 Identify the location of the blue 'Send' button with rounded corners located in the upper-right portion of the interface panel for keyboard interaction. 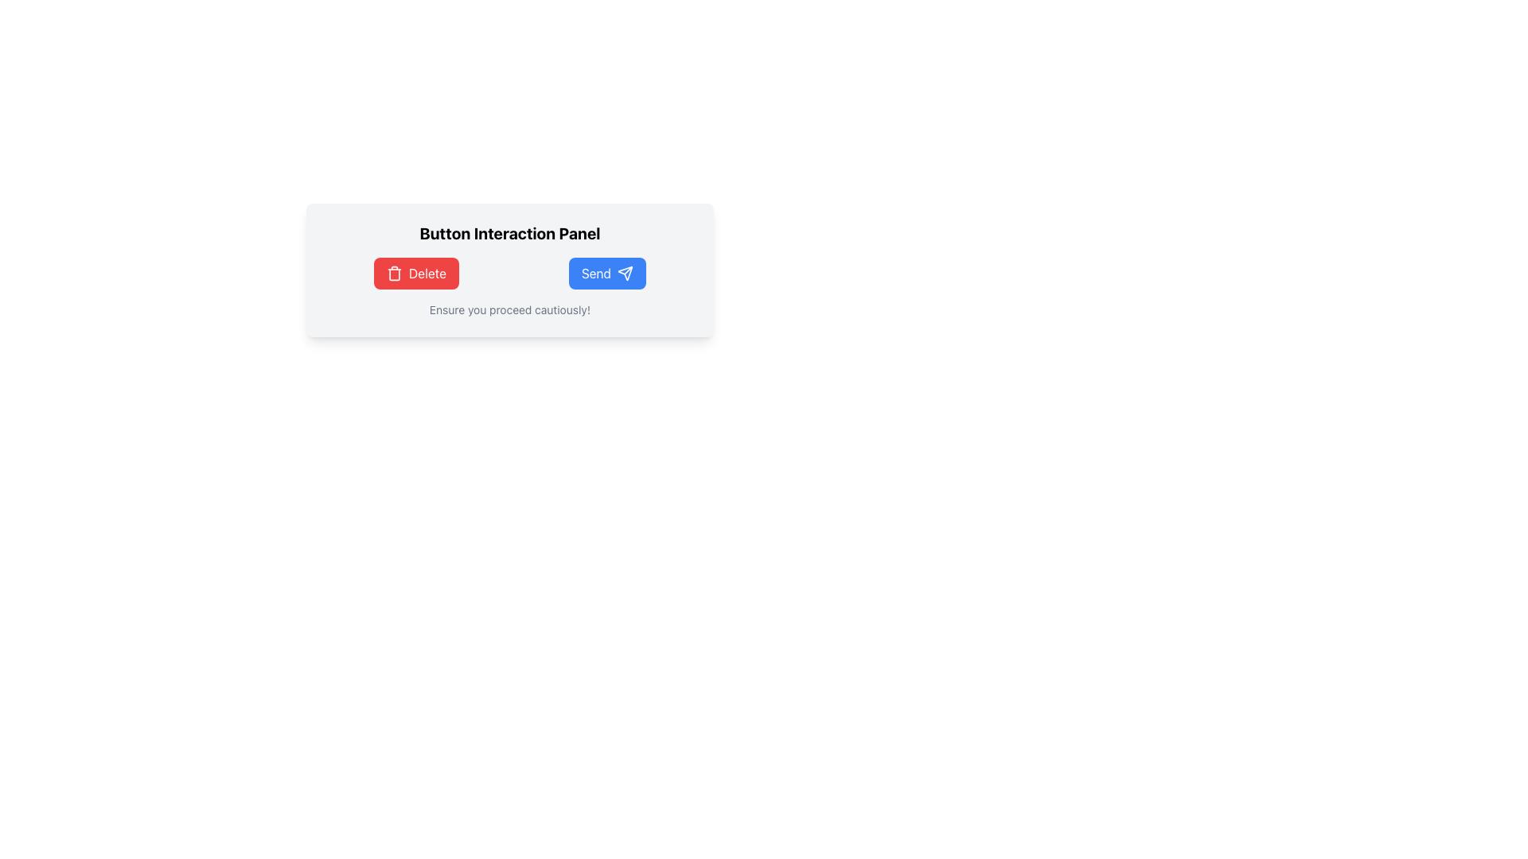
(606, 272).